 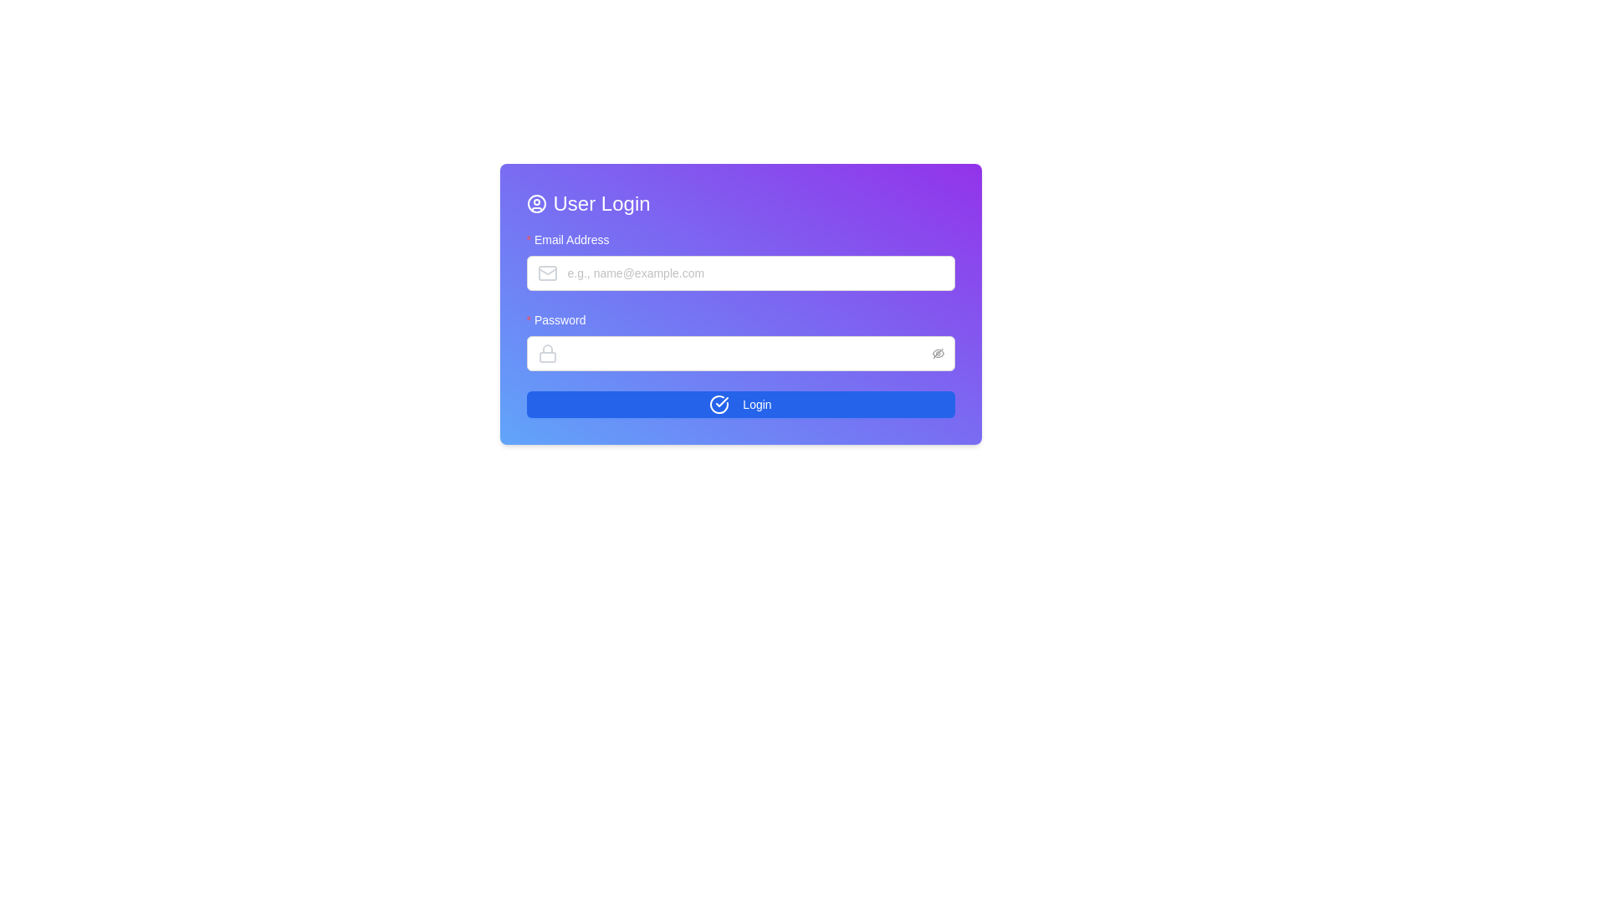 I want to click on the outermost SVG Circle representing the user profile icon located at the top-left corner of the login form, adjacent to the 'User Login' text, so click(x=536, y=202).